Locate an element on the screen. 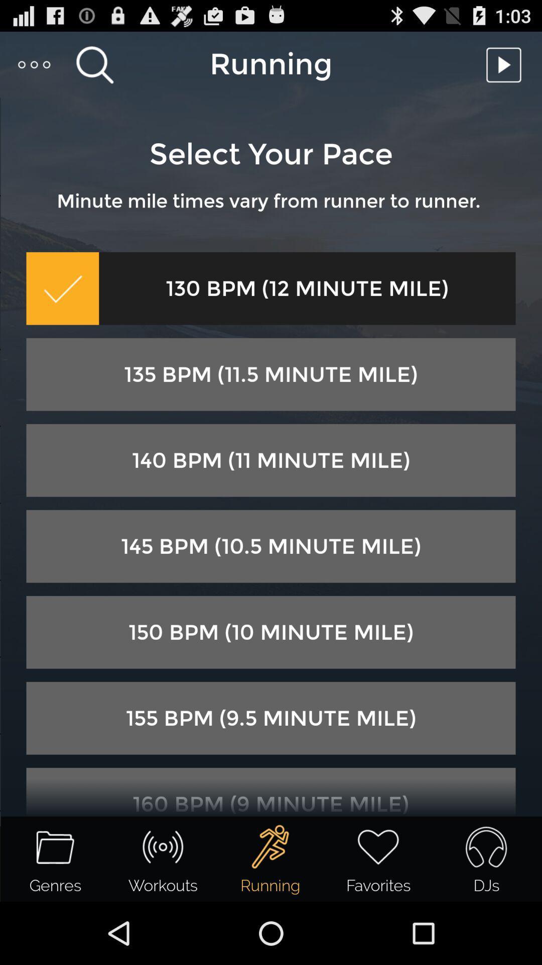 Image resolution: width=542 pixels, height=965 pixels. icon next to the 130 bpm 12 is located at coordinates (62, 288).